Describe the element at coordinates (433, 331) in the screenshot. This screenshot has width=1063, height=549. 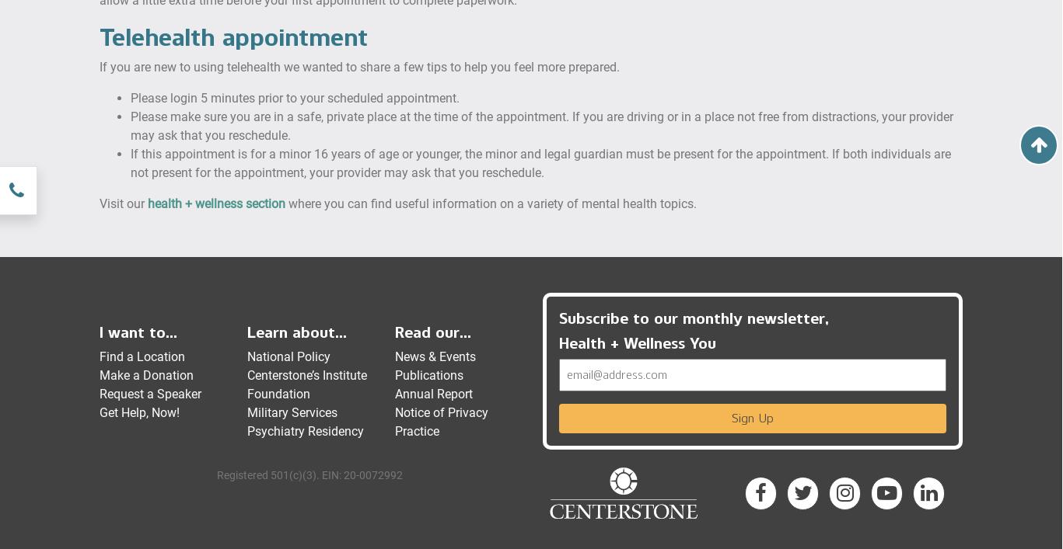
I see `'Read our...'` at that location.